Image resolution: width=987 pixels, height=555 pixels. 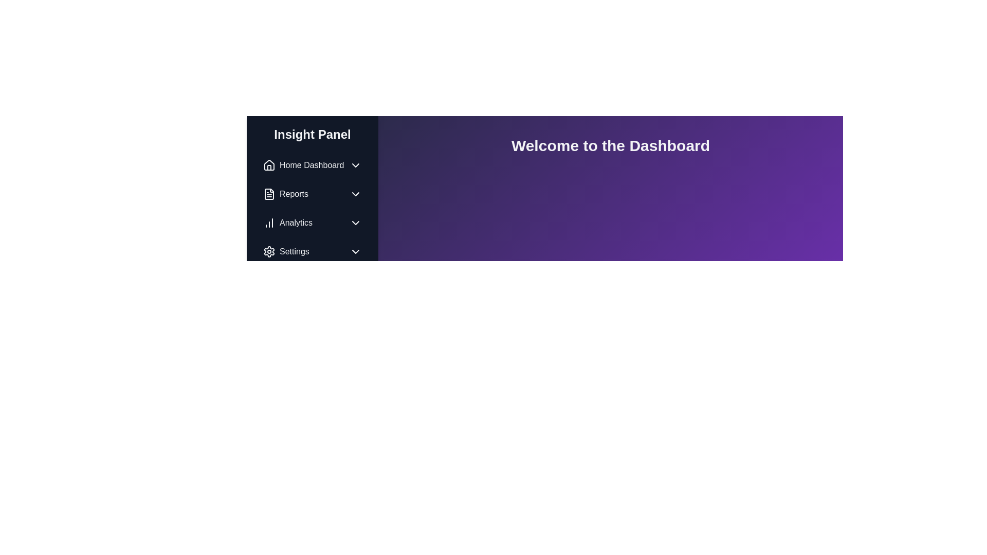 What do you see at coordinates (269, 251) in the screenshot?
I see `the 'Settings' icon in the navigation menu` at bounding box center [269, 251].